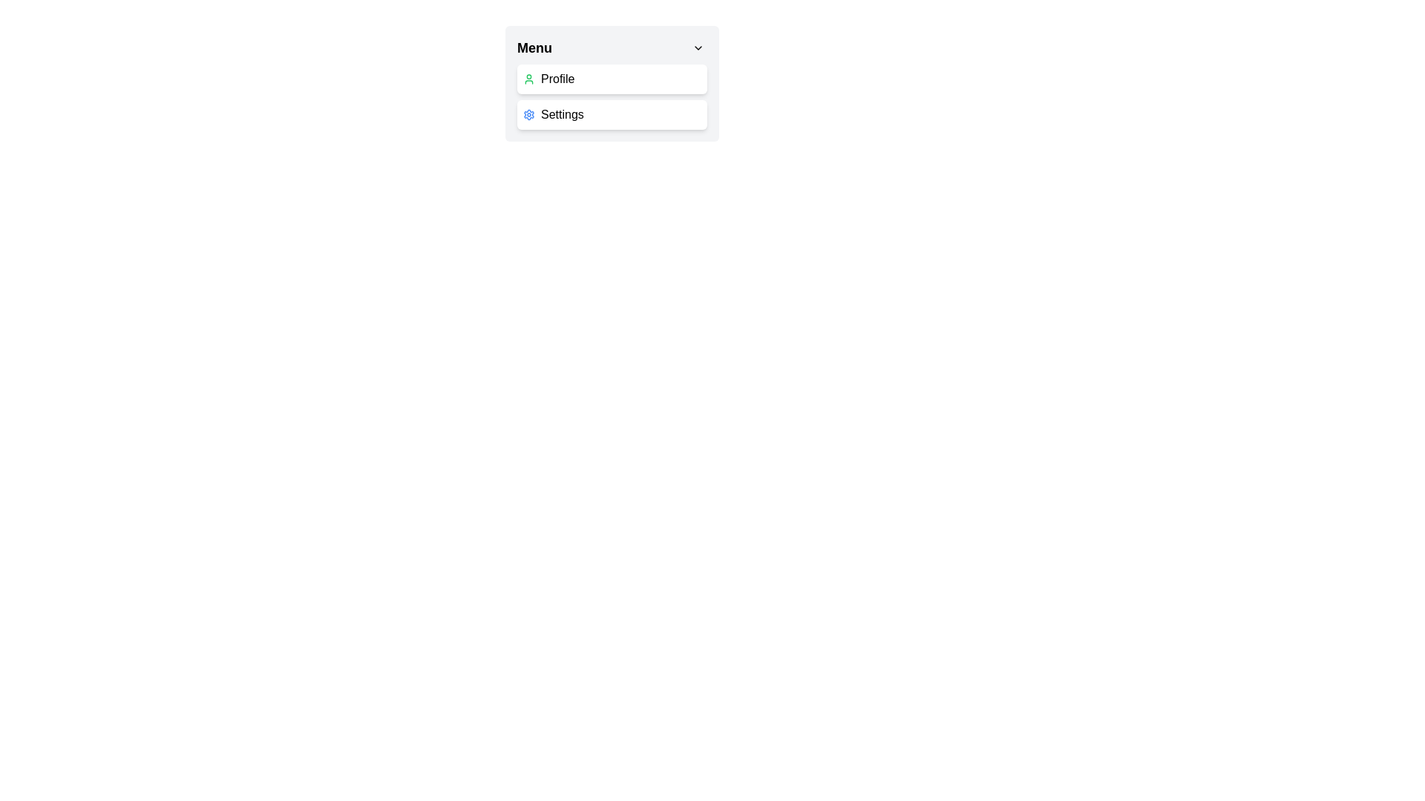 The height and width of the screenshot is (801, 1425). Describe the element at coordinates (697, 47) in the screenshot. I see `the downward-pointing chevron icon located in the upper-right corner of the dropdown menu header labeled 'Menu'` at that location.